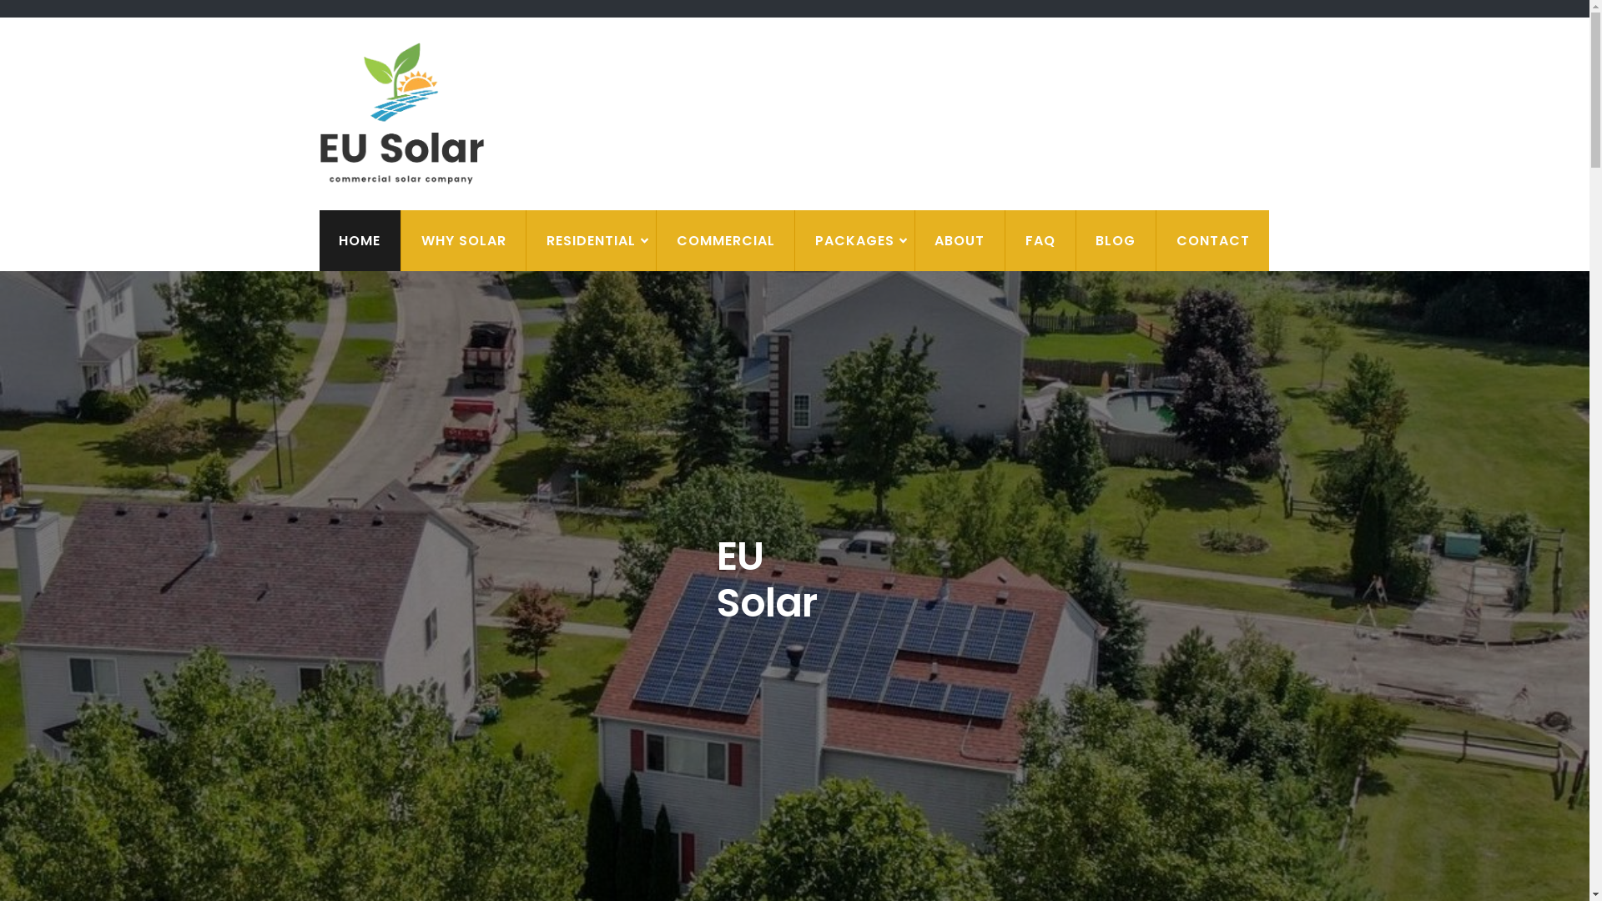  Describe the element at coordinates (591, 240) in the screenshot. I see `'RESIDENTIAL'` at that location.